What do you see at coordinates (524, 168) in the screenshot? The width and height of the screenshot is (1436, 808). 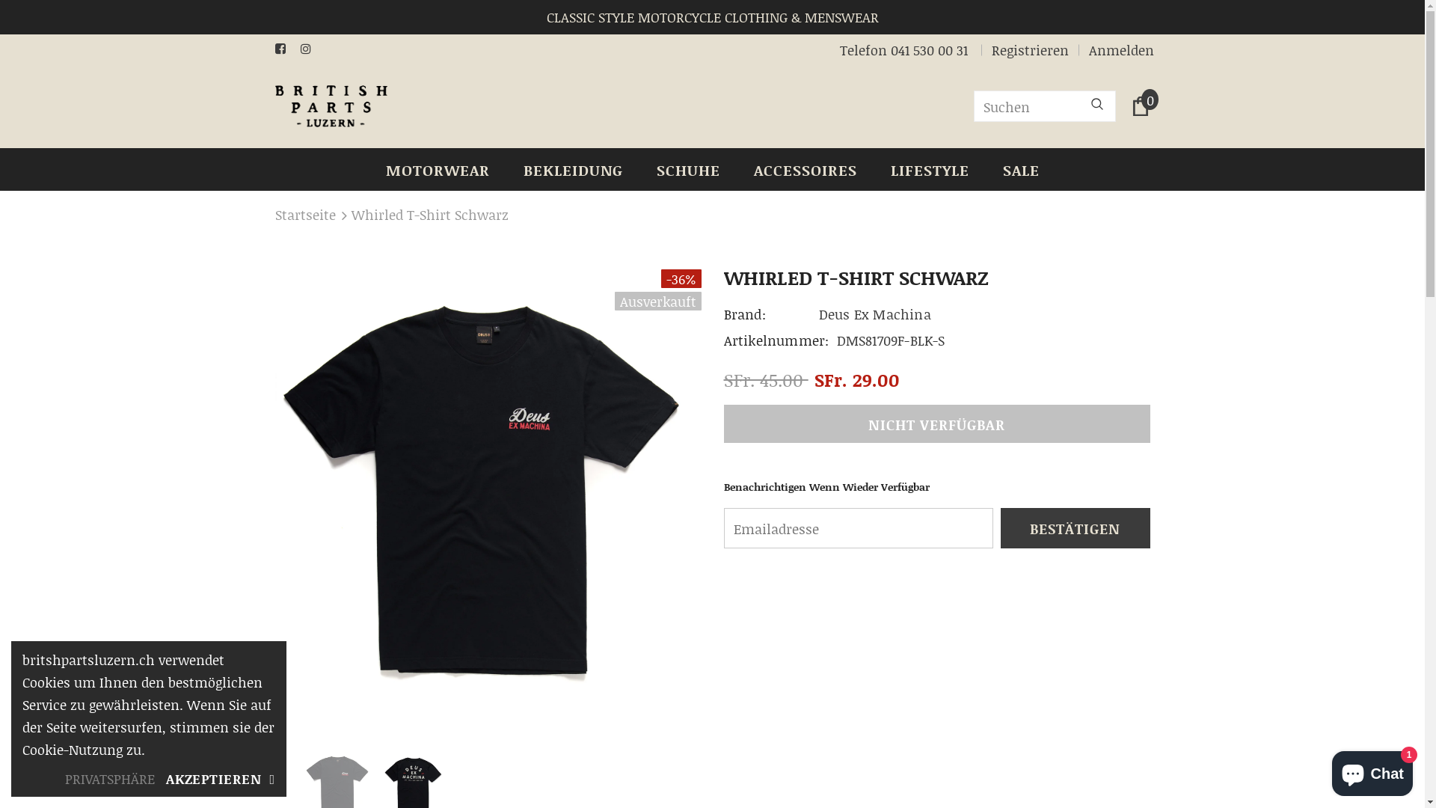 I see `'BEKLEIDUNG'` at bounding box center [524, 168].